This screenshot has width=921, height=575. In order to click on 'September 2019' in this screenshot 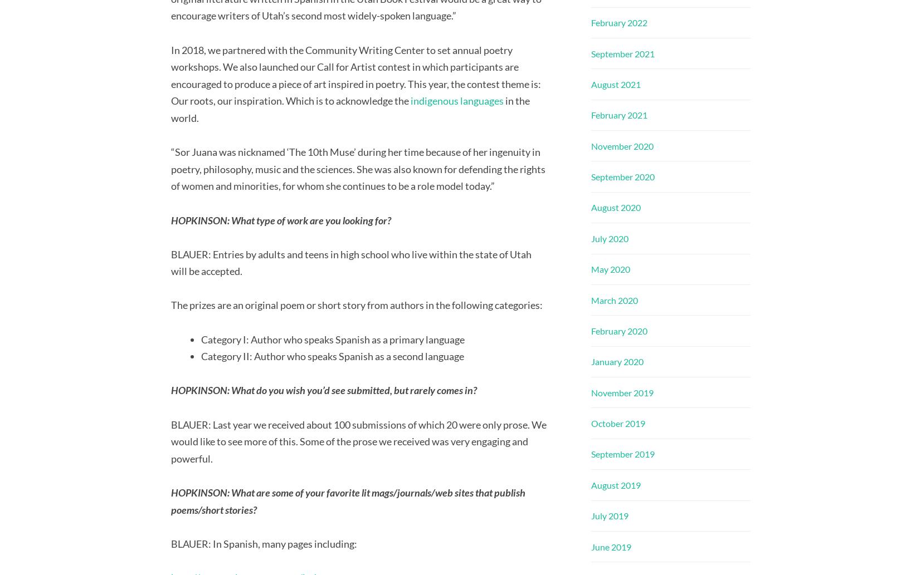, I will do `click(622, 454)`.